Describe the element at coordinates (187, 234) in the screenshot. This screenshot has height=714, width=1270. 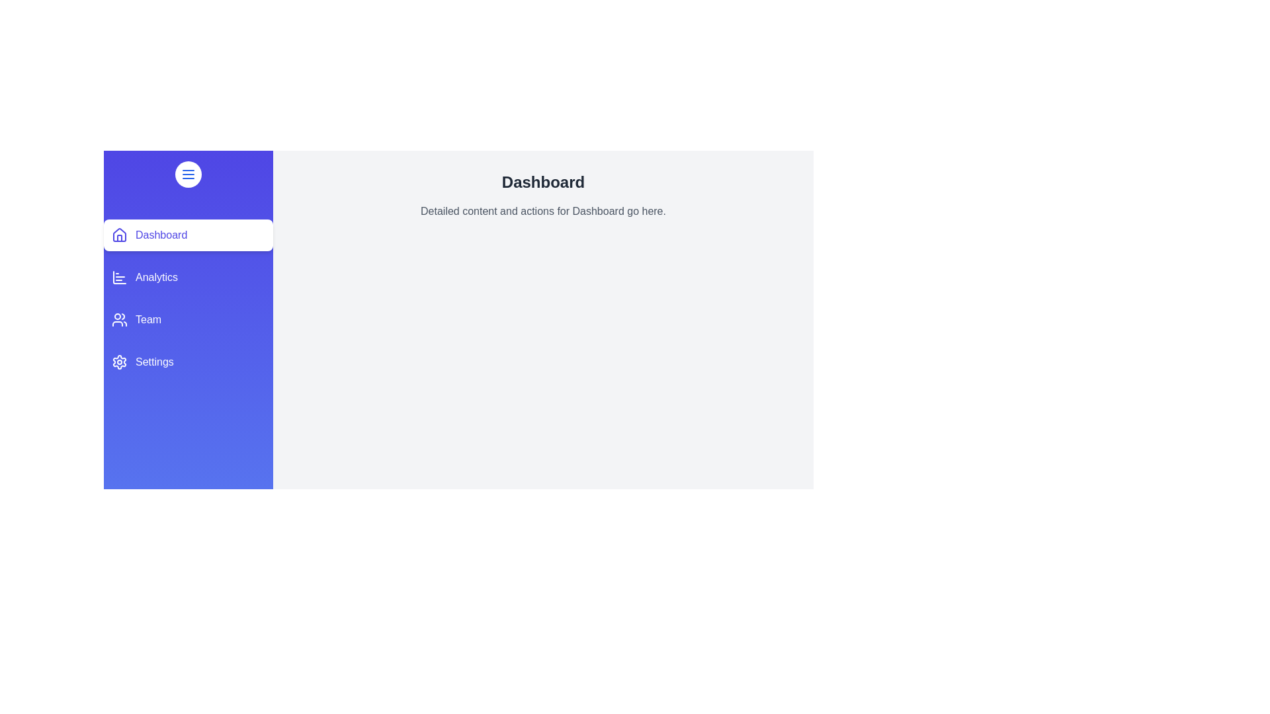
I see `the menu item Dashboard to observe visual feedback` at that location.